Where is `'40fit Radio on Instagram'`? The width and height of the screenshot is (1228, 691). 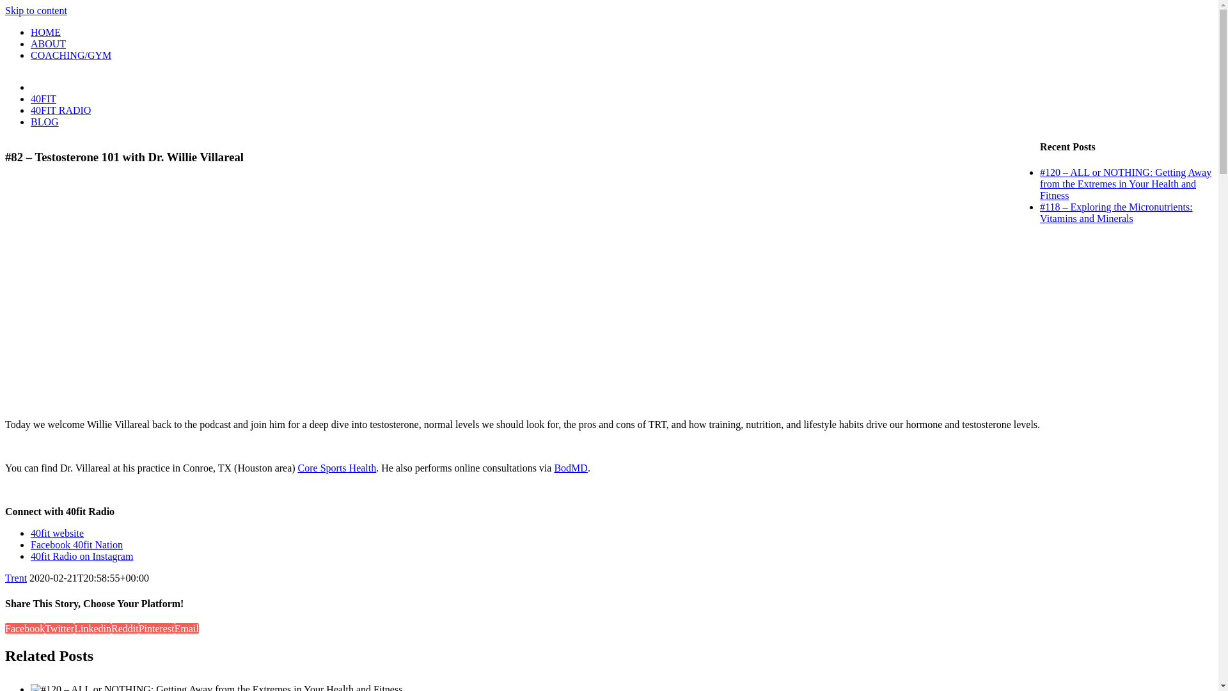 '40fit Radio on Instagram' is located at coordinates (81, 555).